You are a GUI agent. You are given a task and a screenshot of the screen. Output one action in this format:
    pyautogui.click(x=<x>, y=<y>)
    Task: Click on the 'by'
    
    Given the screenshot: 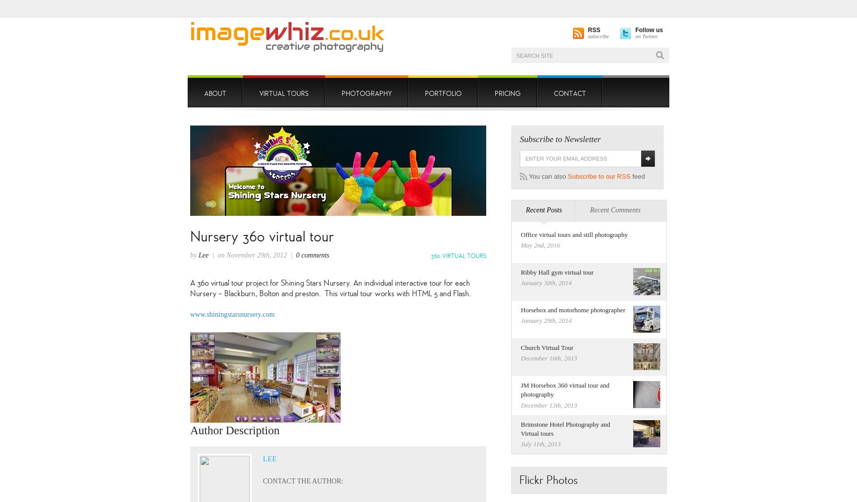 What is the action you would take?
    pyautogui.click(x=194, y=255)
    